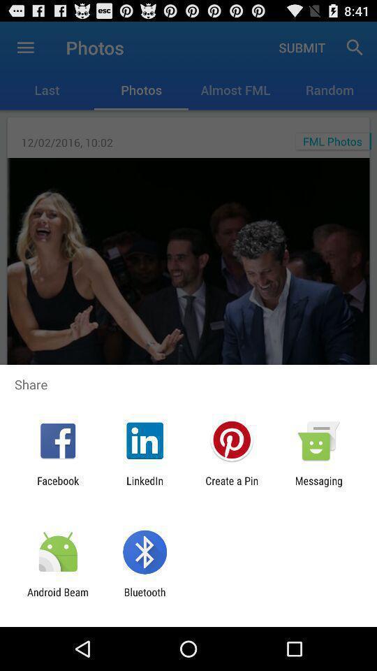 Image resolution: width=377 pixels, height=671 pixels. I want to click on the bluetooth app, so click(144, 598).